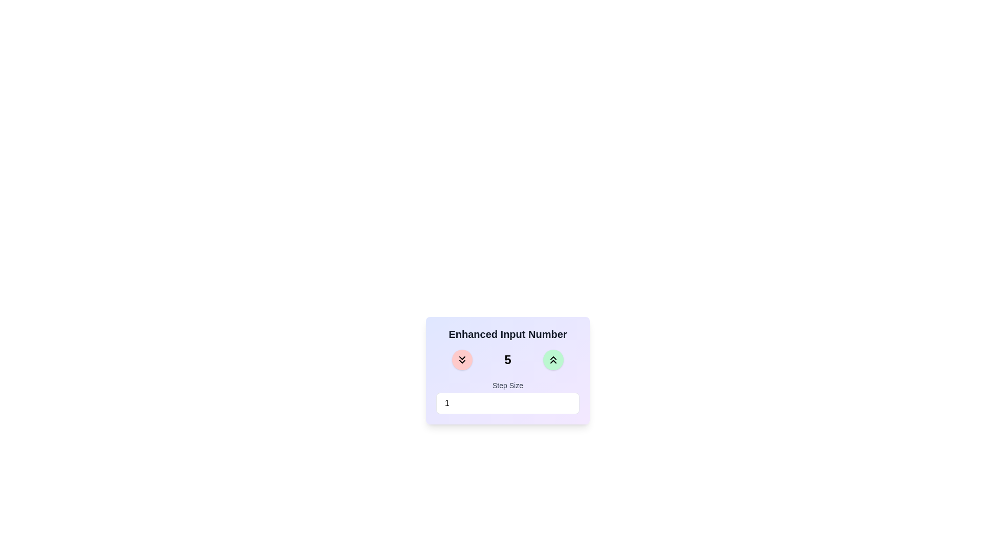  What do you see at coordinates (508, 396) in the screenshot?
I see `the Numeric input field for adjusting the step size, positioned centrally below the title 'Enhanced Input Number' and the segmented control displaying '5'` at bounding box center [508, 396].